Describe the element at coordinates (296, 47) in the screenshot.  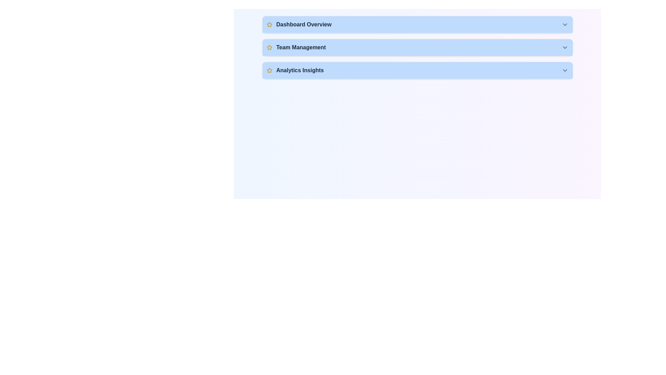
I see `the 'Team Management' menu item located in the second slot of a vertical list` at that location.